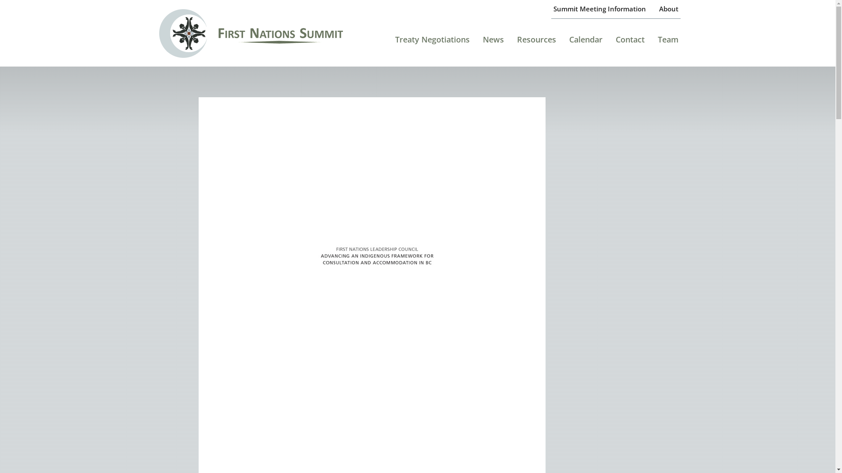 The image size is (842, 473). What do you see at coordinates (515, 42) in the screenshot?
I see `'Resources'` at bounding box center [515, 42].